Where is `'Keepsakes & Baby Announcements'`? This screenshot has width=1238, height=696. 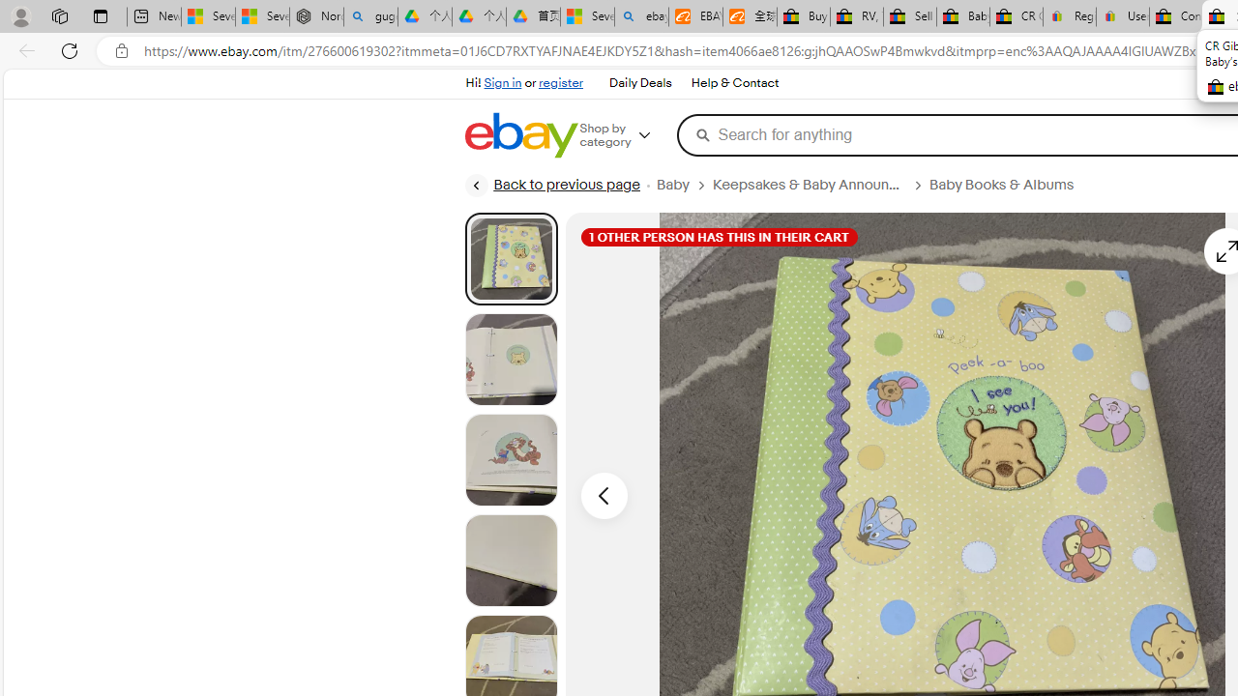 'Keepsakes & Baby Announcements' is located at coordinates (809, 185).